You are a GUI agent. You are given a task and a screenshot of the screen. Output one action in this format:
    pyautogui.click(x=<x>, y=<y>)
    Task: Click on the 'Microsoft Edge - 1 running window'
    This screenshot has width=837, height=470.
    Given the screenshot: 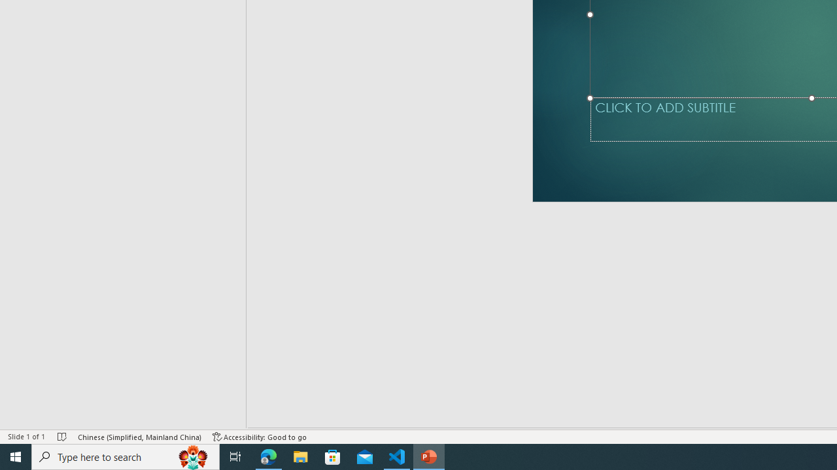 What is the action you would take?
    pyautogui.click(x=268, y=456)
    